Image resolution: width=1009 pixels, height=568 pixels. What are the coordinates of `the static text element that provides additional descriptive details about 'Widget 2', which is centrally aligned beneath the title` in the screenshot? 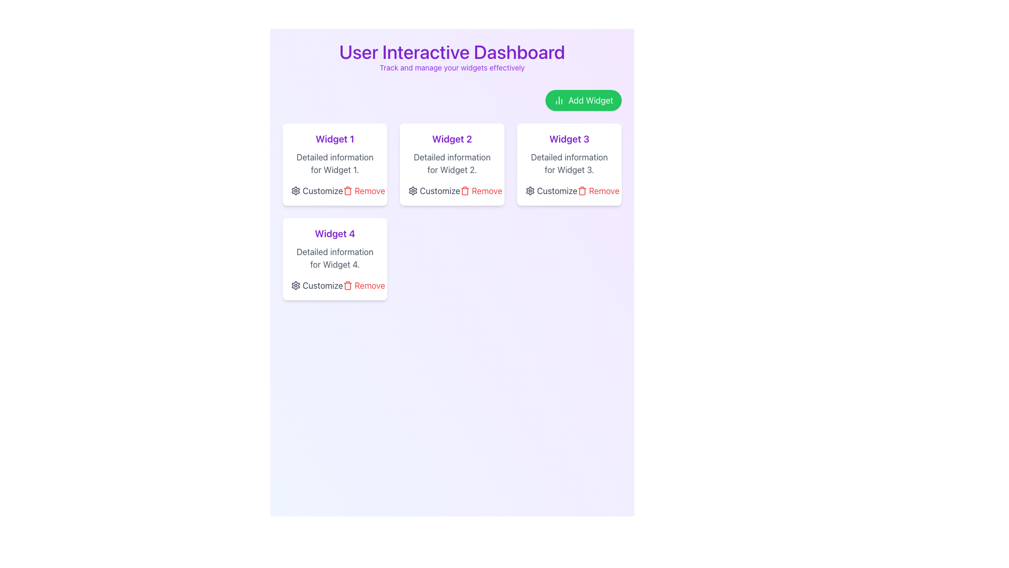 It's located at (452, 164).